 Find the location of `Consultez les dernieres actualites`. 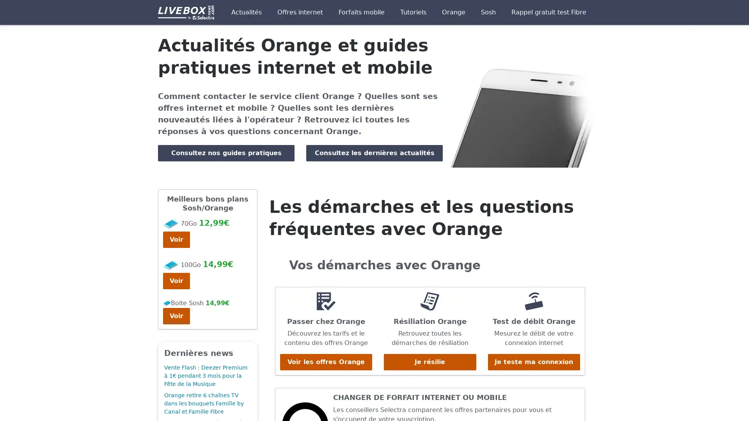

Consultez les dernieres actualites is located at coordinates (374, 153).